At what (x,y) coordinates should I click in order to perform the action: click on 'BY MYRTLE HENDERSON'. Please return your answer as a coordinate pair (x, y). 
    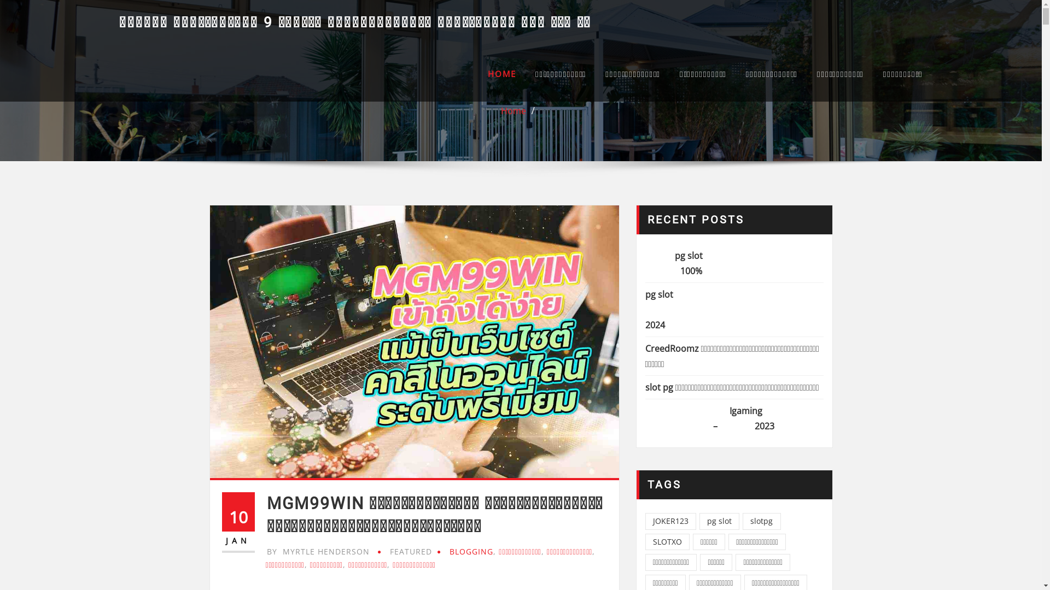
    Looking at the image, I should click on (317, 552).